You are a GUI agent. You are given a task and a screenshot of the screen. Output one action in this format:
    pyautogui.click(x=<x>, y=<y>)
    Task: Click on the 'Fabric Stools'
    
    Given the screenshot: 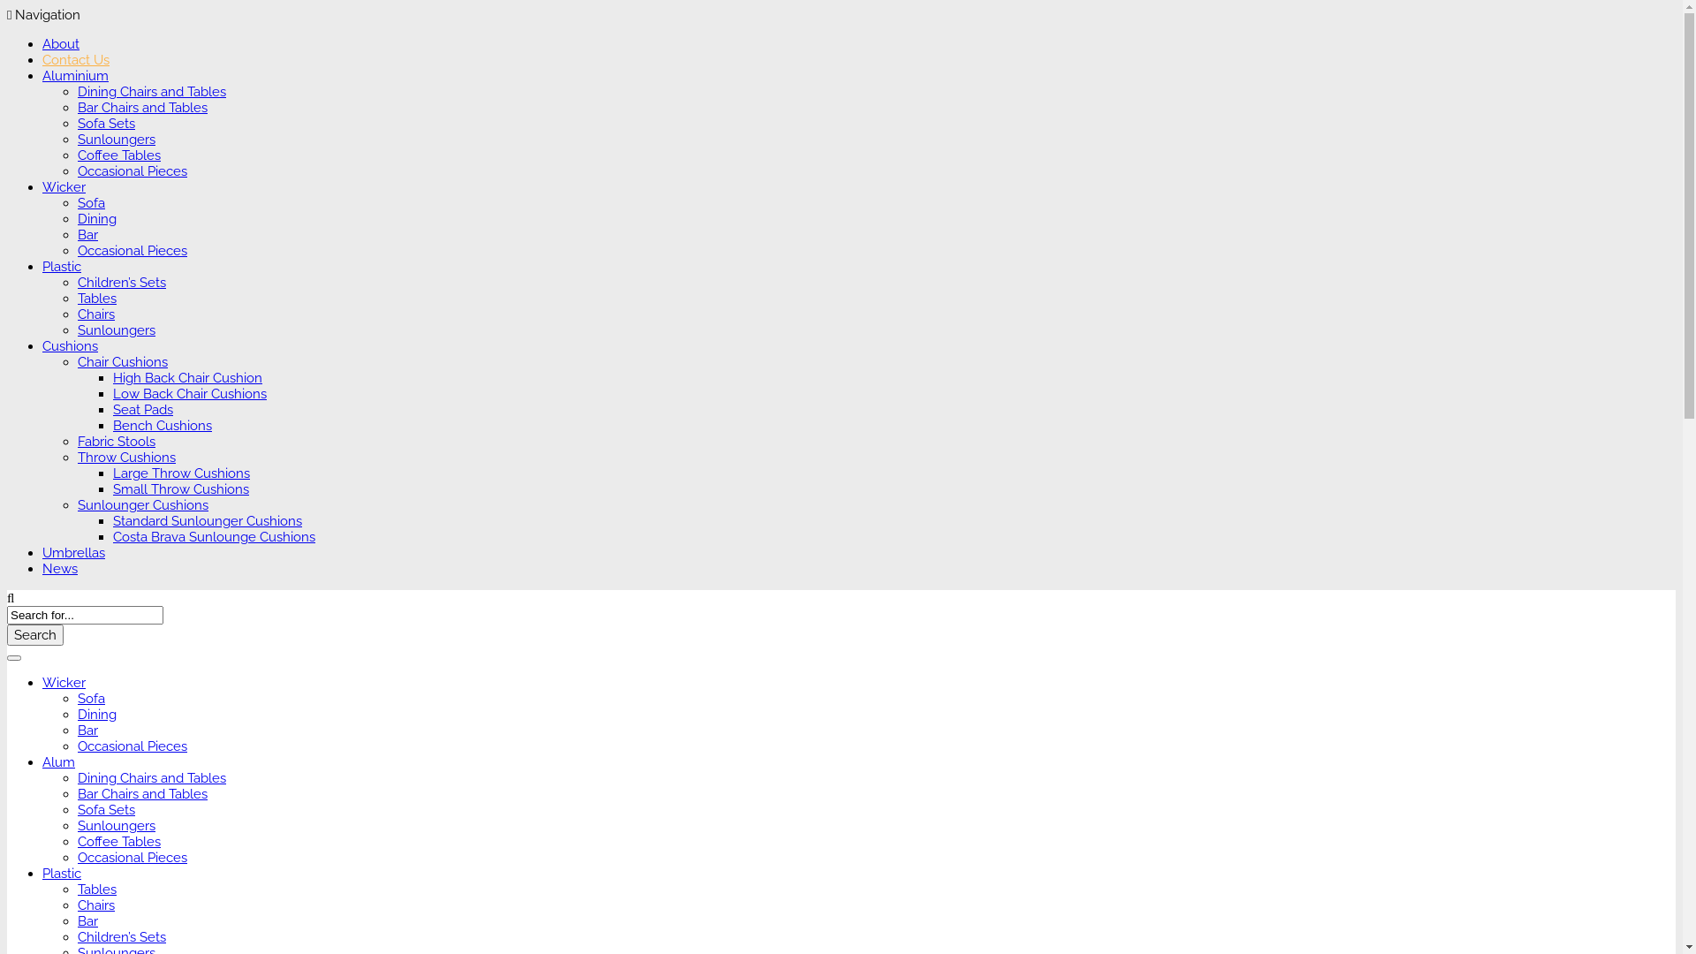 What is the action you would take?
    pyautogui.click(x=76, y=441)
    